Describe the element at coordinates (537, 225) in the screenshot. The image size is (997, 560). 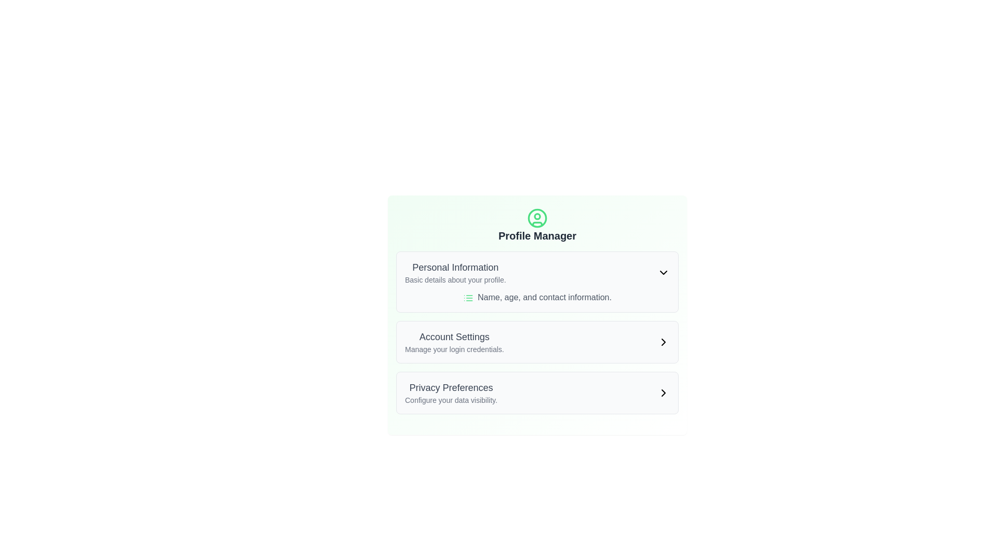
I see `the centered text block displaying 'Profile Manager' with a bold font style` at that location.